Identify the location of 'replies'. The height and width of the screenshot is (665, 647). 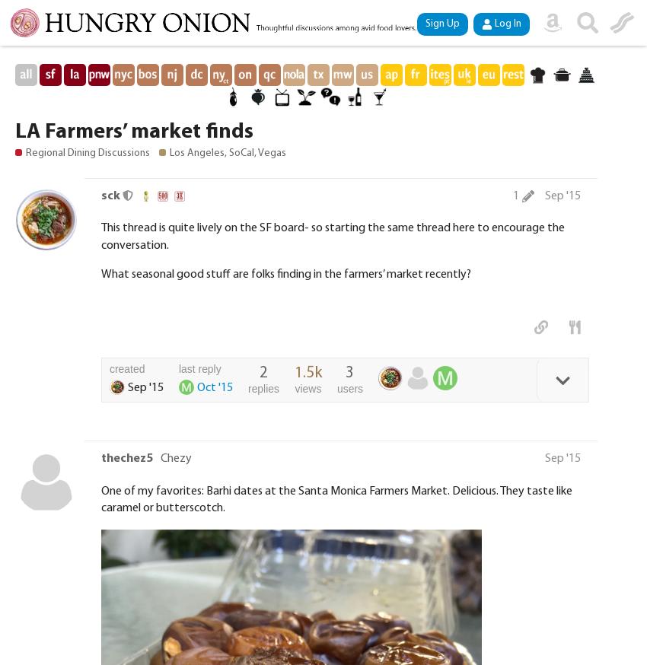
(263, 387).